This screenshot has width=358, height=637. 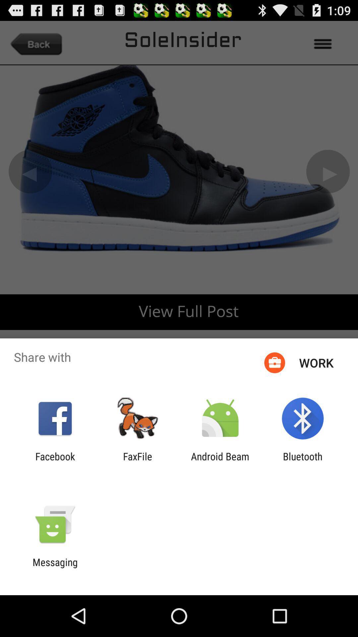 What do you see at coordinates (303, 462) in the screenshot?
I see `the bluetooth icon` at bounding box center [303, 462].